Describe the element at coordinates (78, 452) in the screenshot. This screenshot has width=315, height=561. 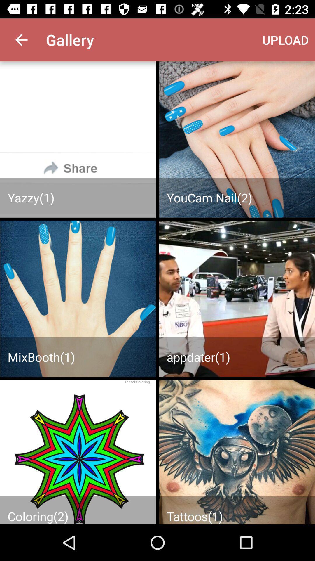
I see `previous` at that location.